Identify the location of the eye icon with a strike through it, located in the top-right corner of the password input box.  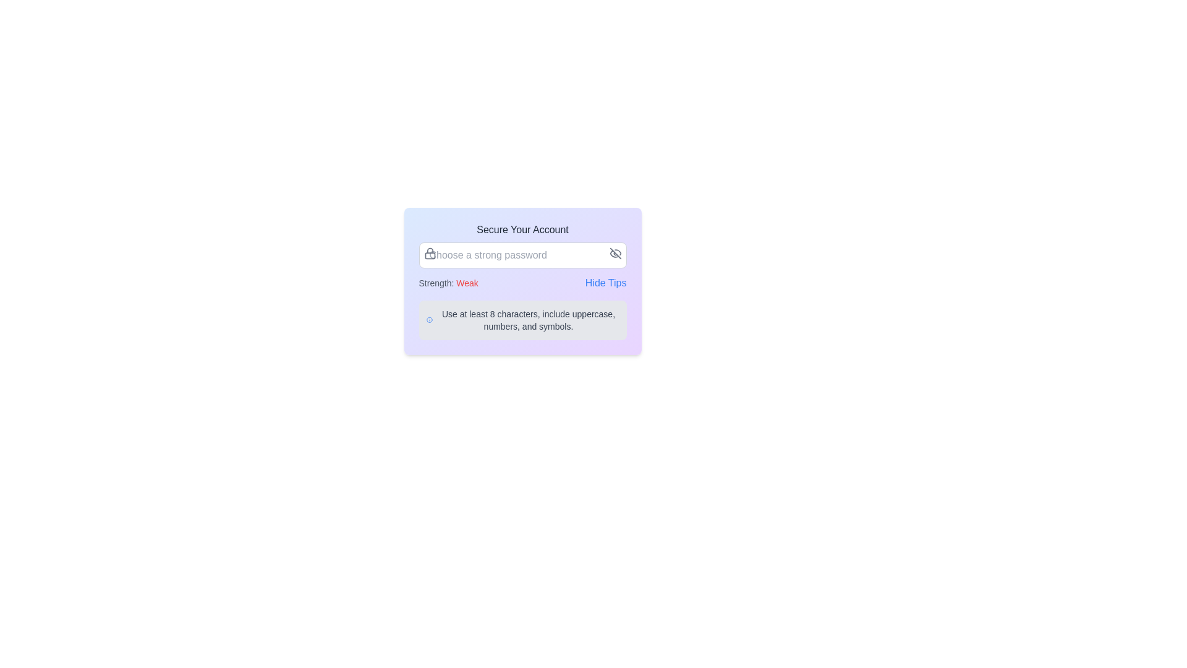
(615, 252).